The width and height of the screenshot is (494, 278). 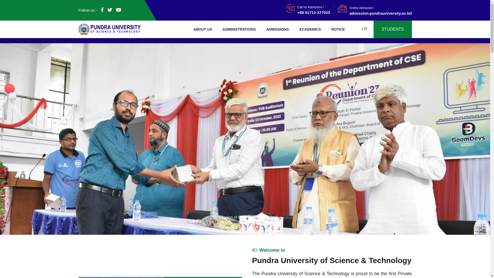 I want to click on 'STUDENTS', so click(x=373, y=29).